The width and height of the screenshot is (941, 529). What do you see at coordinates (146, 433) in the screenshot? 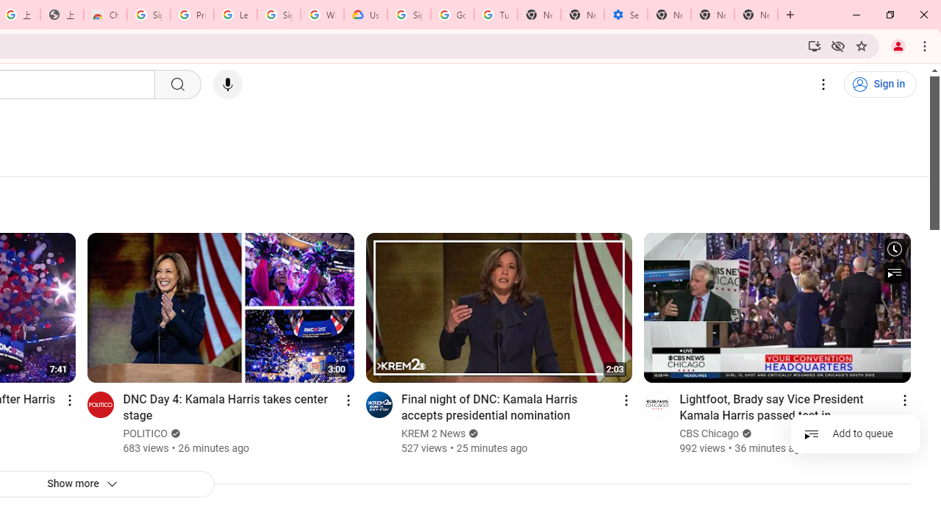
I see `'POLITICO'` at bounding box center [146, 433].